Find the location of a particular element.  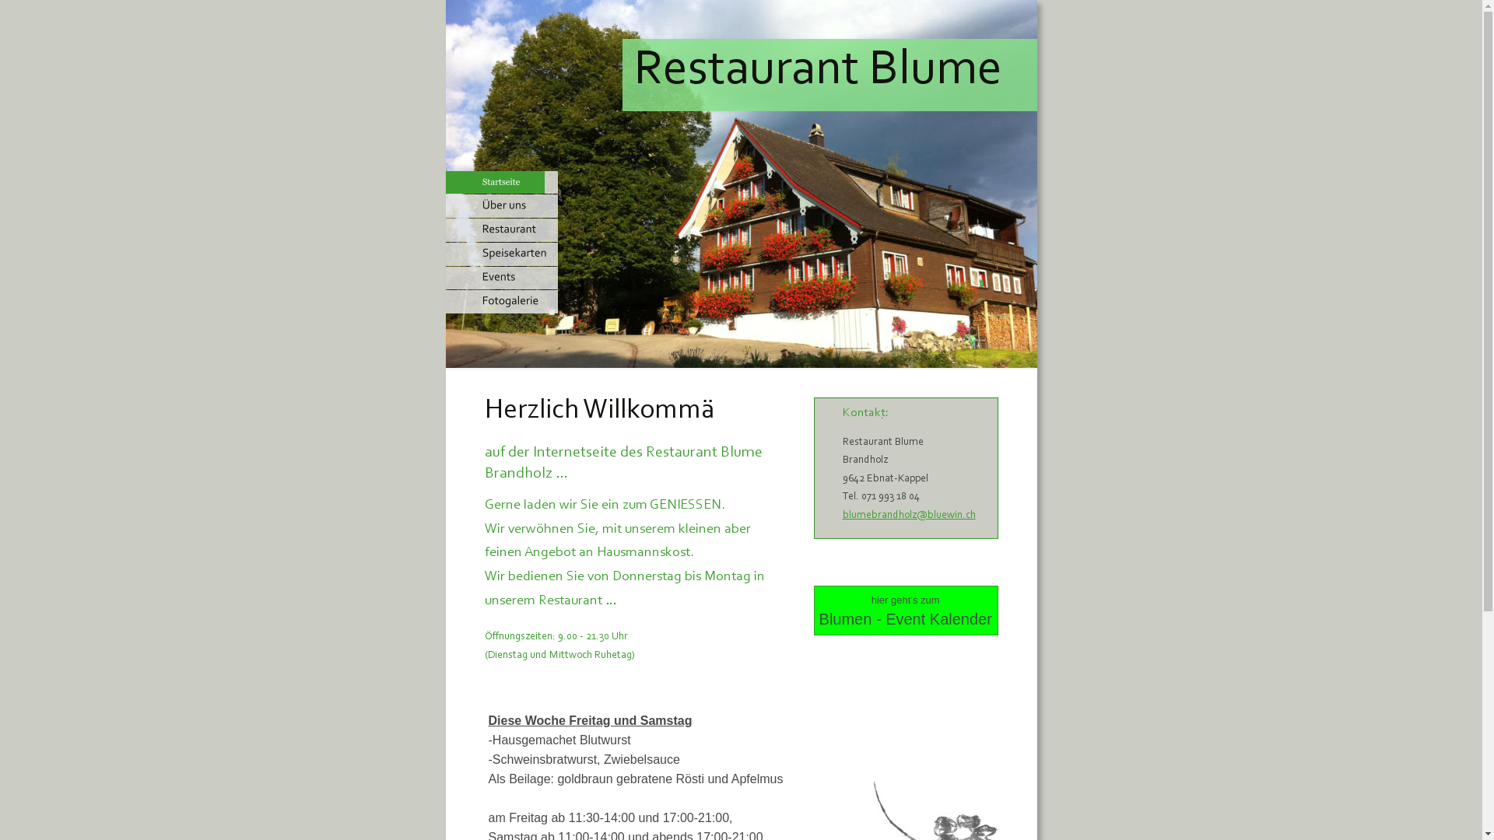

'blumebrandholz@bluewin.ch' is located at coordinates (908, 516).